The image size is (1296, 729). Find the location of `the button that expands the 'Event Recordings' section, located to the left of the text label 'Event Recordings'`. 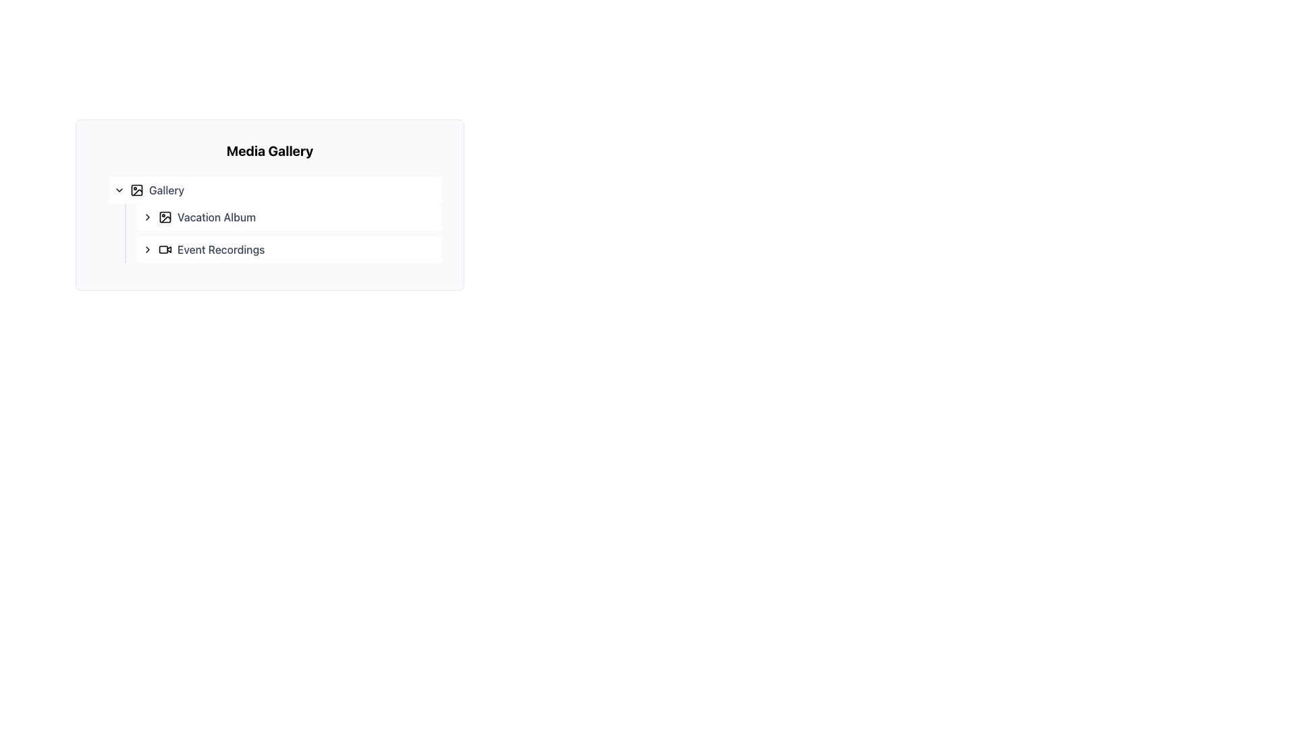

the button that expands the 'Event Recordings' section, located to the left of the text label 'Event Recordings' is located at coordinates (148, 250).